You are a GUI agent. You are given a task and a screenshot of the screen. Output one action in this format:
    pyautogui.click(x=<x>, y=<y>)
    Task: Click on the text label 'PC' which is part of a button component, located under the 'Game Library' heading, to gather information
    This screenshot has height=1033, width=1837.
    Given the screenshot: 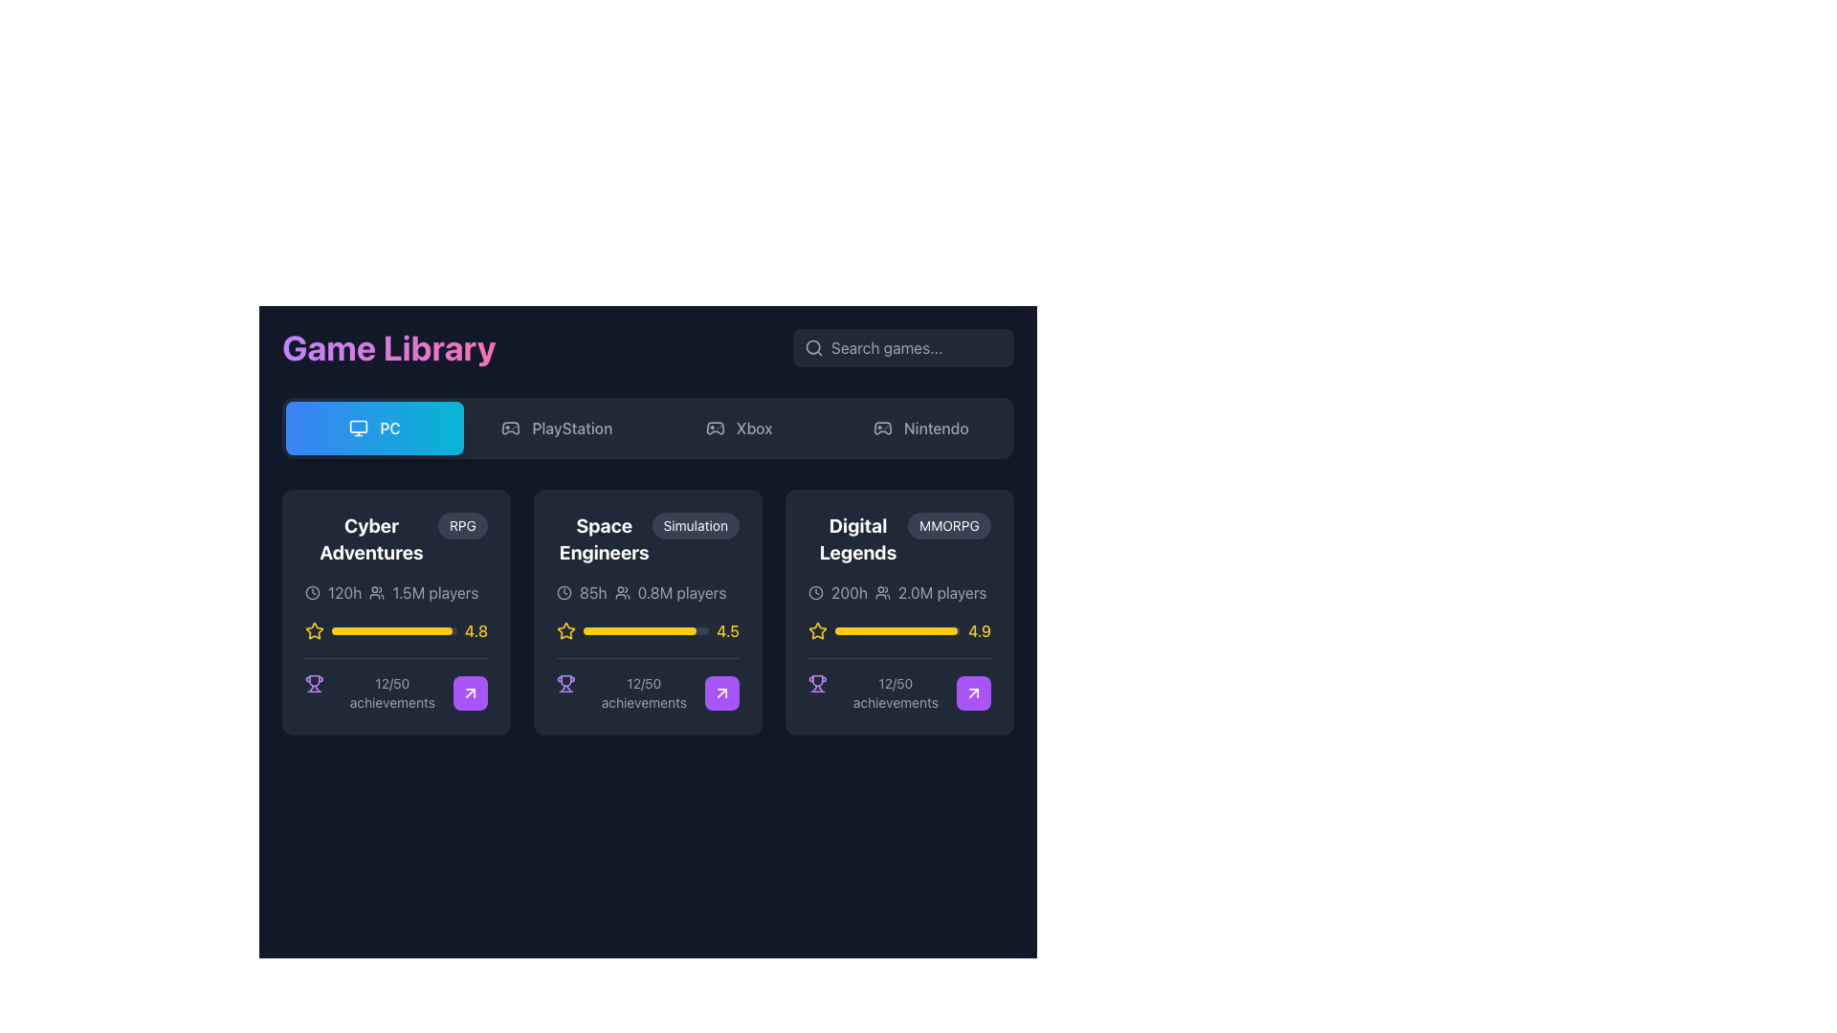 What is the action you would take?
    pyautogui.click(x=389, y=427)
    